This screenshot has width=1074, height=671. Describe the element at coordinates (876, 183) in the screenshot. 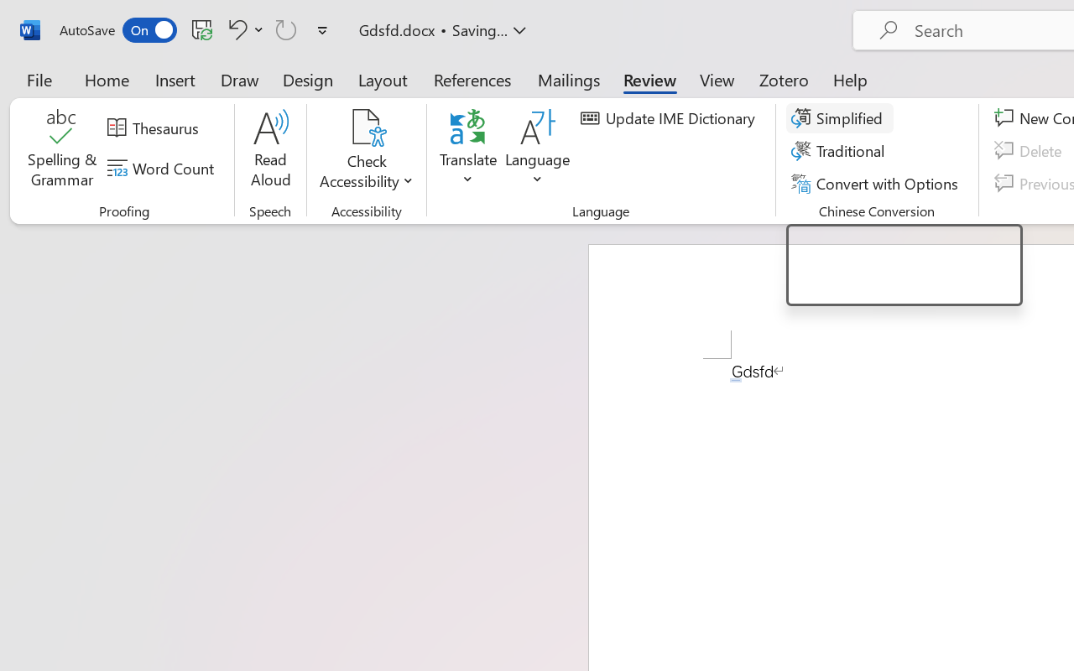

I see `'Convert with Options...'` at that location.